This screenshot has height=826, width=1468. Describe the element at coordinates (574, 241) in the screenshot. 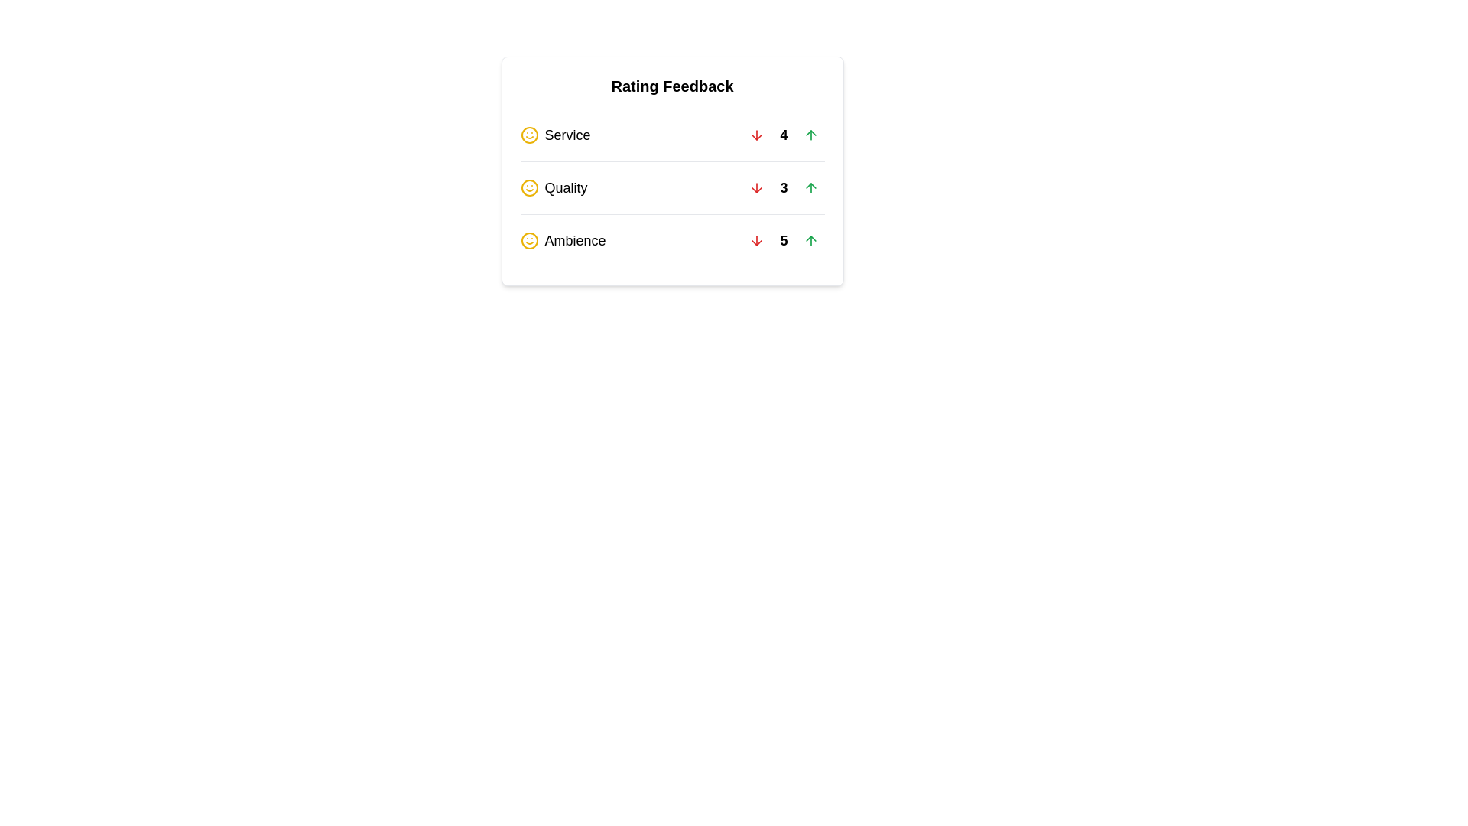

I see `the text label 'Ambience'` at that location.